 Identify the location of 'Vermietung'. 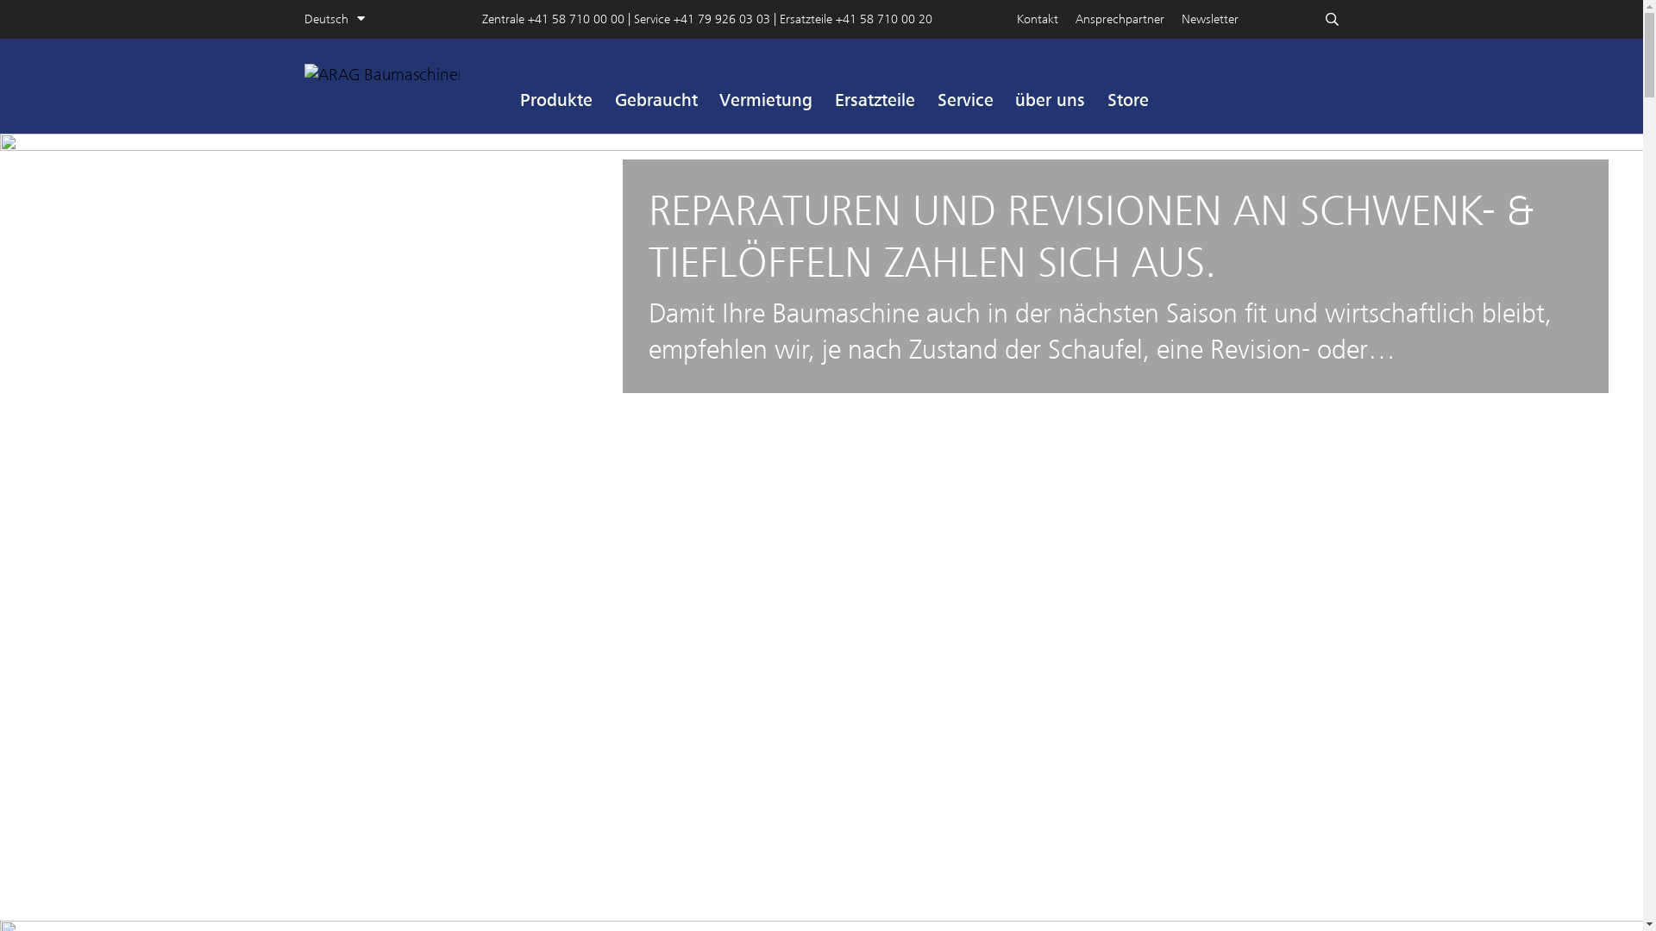
(708, 100).